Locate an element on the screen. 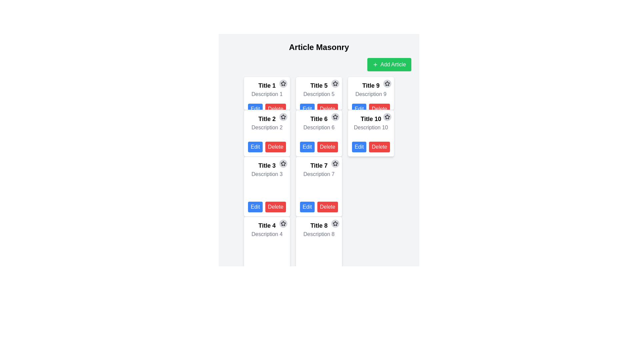 The height and width of the screenshot is (360, 640). text of the bold and large font label 'Title 2' located at the top center of the card in the second column of the masonry layout is located at coordinates (267, 119).